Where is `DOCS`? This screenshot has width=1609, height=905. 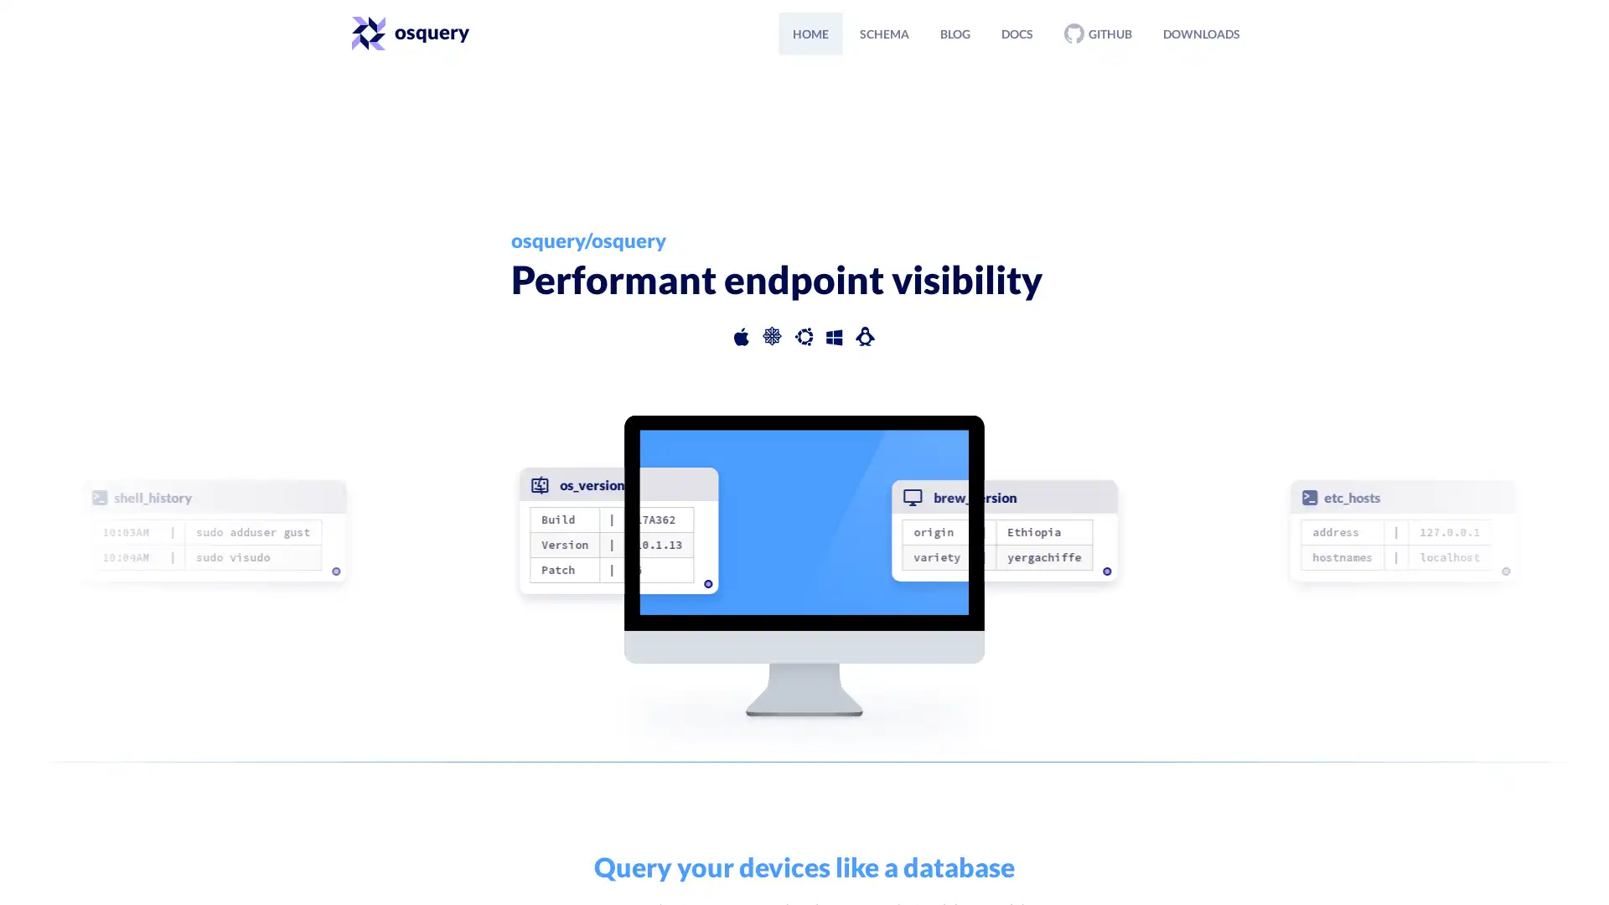 DOCS is located at coordinates (1017, 33).